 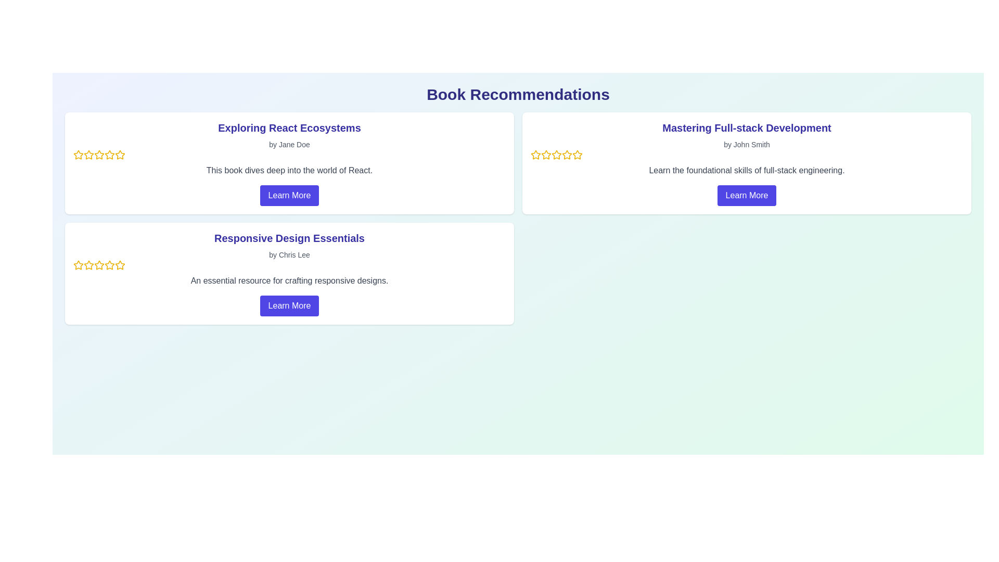 What do you see at coordinates (110, 155) in the screenshot?
I see `the sixth star icon in the rating widget under the 'Exploring React Ecosystems' section, which is represented as a hollow yellow outlined star` at bounding box center [110, 155].